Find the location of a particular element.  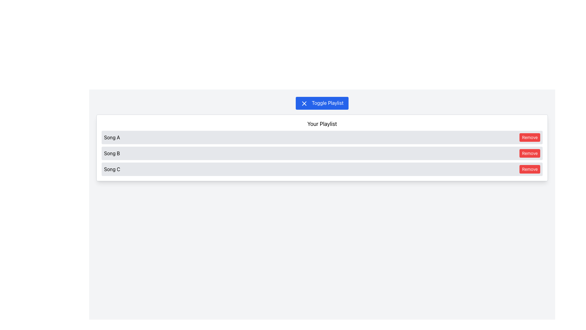

the small 'X' icon located within the blue button labeled 'Toggle Playlist' is located at coordinates (304, 103).